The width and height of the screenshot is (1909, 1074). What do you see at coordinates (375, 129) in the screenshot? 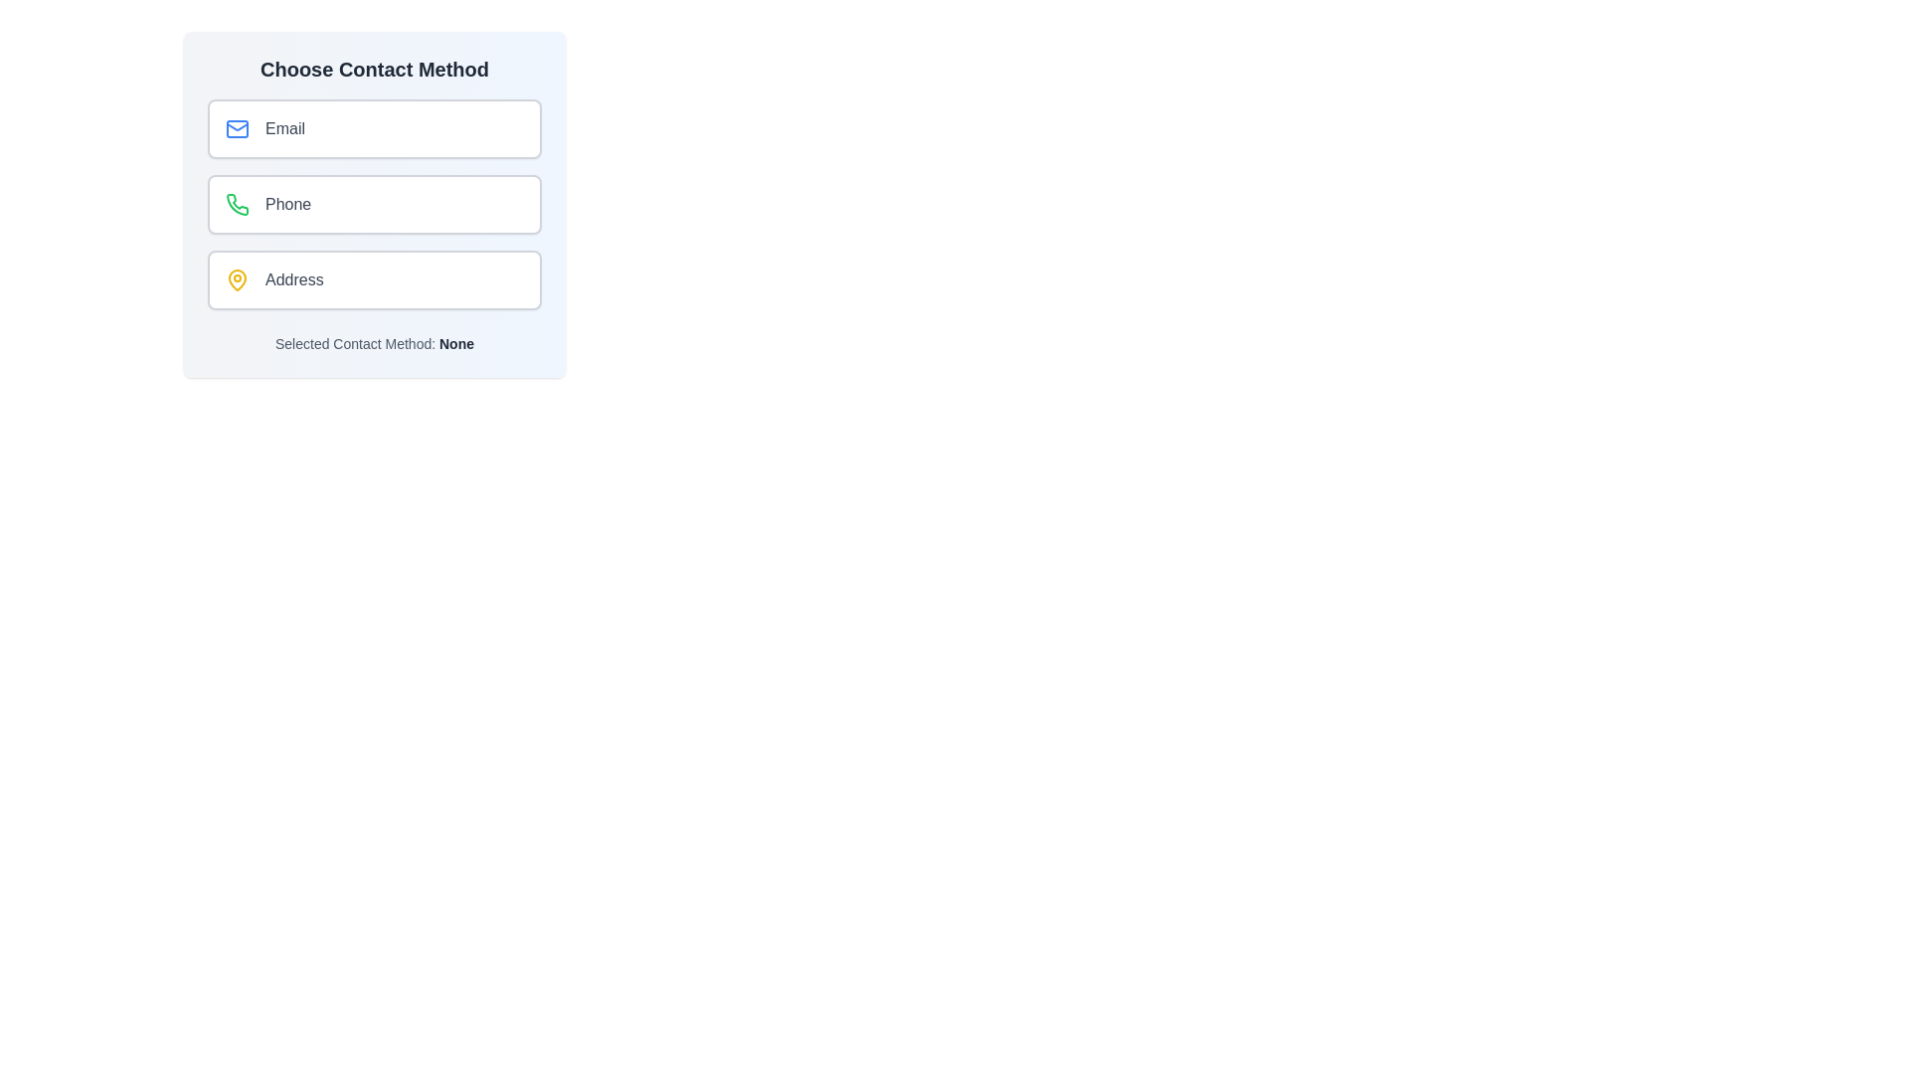
I see `the contact method Email by clicking on its corresponding chip` at bounding box center [375, 129].